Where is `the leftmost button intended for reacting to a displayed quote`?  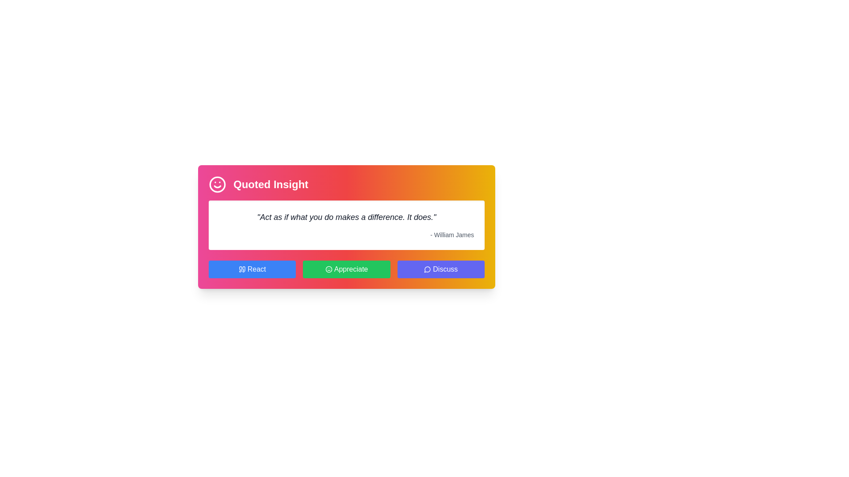
the leftmost button intended for reacting to a displayed quote is located at coordinates (252, 269).